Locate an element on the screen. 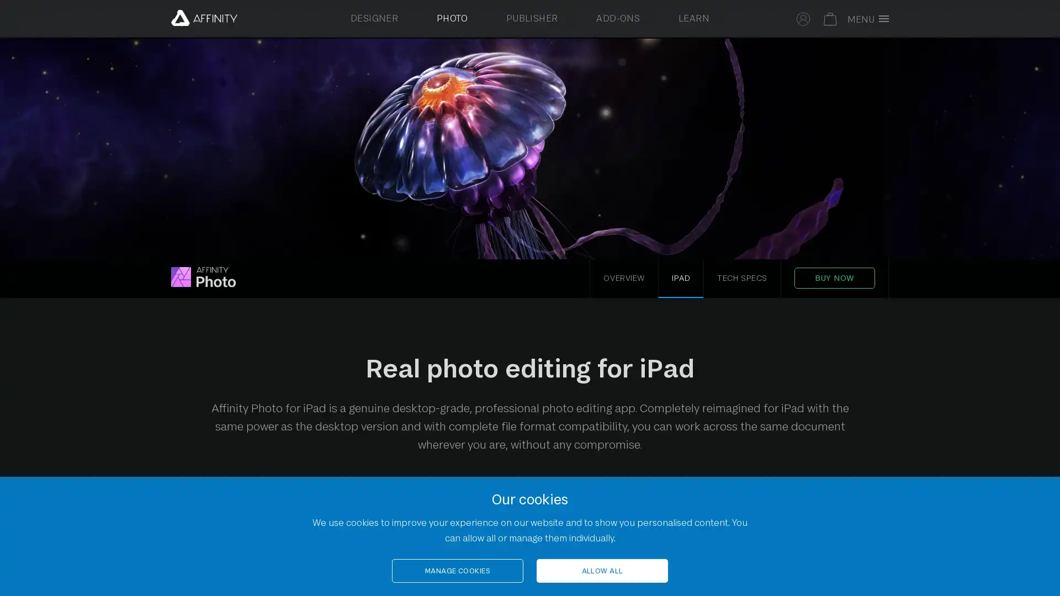 The height and width of the screenshot is (596, 1060). Your basket is empty. Select to toggle basket. is located at coordinates (830, 17).